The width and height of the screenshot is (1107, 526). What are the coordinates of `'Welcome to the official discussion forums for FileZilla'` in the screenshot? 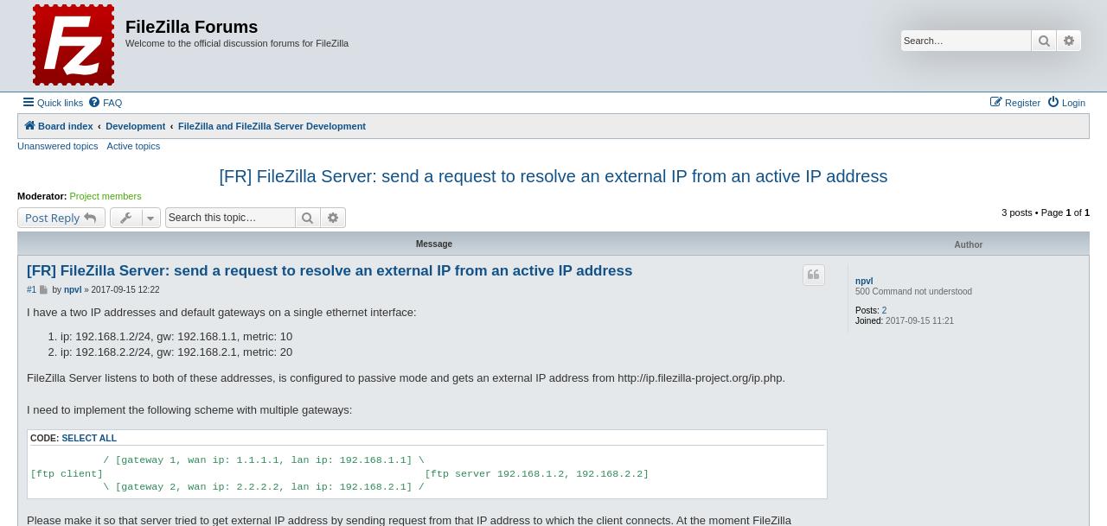 It's located at (236, 41).